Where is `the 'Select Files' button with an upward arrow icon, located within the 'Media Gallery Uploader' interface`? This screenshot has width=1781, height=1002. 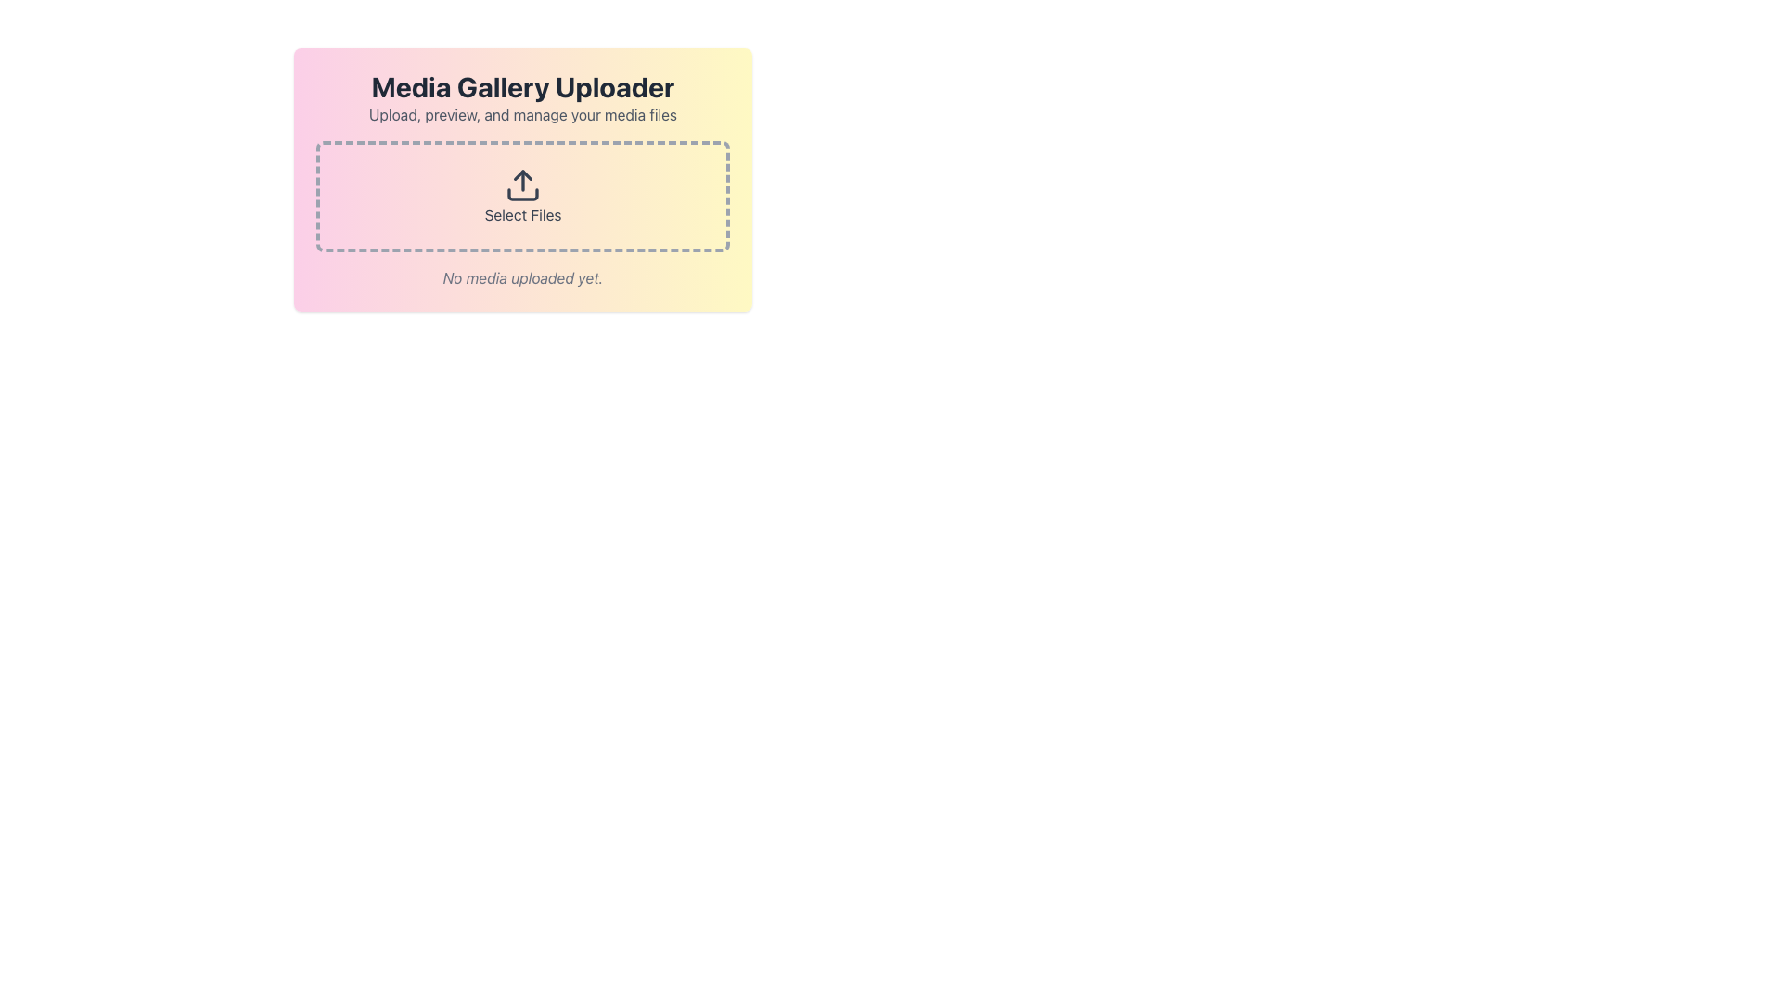 the 'Select Files' button with an upward arrow icon, located within the 'Media Gallery Uploader' interface is located at coordinates (522, 197).